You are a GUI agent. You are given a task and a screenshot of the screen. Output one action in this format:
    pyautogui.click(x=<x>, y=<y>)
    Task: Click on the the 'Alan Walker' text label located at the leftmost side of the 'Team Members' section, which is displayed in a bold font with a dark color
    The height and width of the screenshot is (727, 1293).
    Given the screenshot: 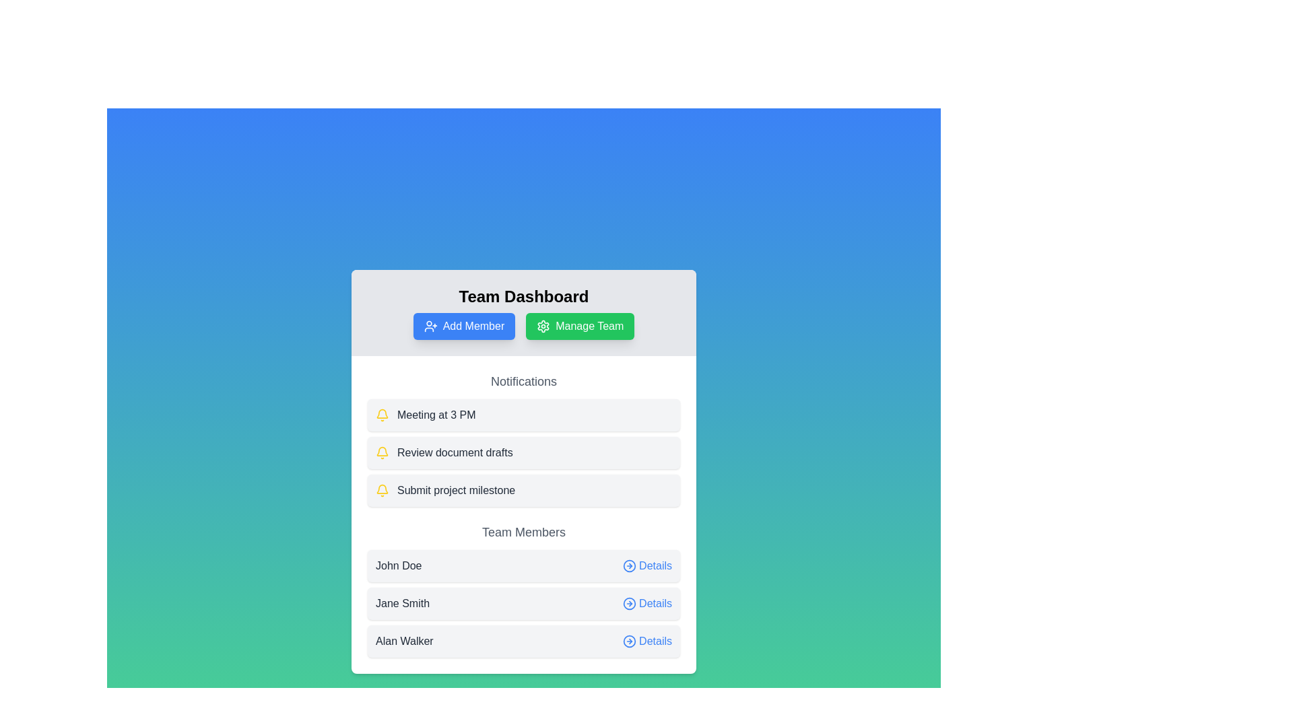 What is the action you would take?
    pyautogui.click(x=403, y=640)
    